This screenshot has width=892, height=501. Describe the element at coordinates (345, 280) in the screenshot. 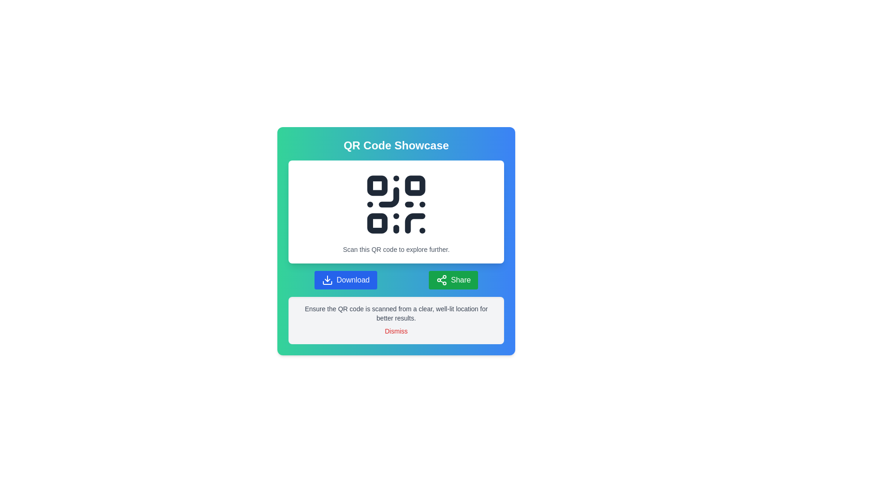

I see `the blue rounded button labeled 'Download' to change its state to the hover styling` at that location.